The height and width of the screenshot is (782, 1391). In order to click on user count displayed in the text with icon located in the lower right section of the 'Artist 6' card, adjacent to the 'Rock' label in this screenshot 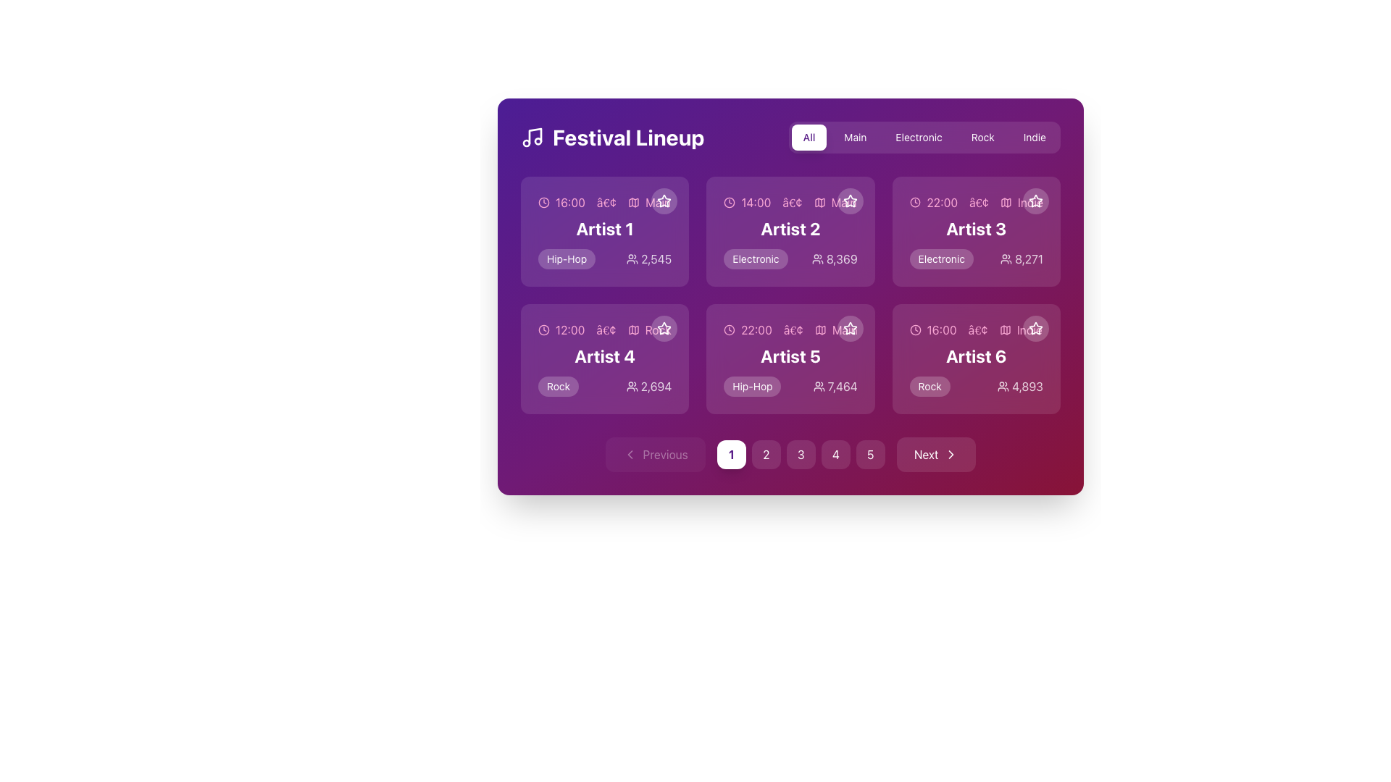, I will do `click(1019, 385)`.